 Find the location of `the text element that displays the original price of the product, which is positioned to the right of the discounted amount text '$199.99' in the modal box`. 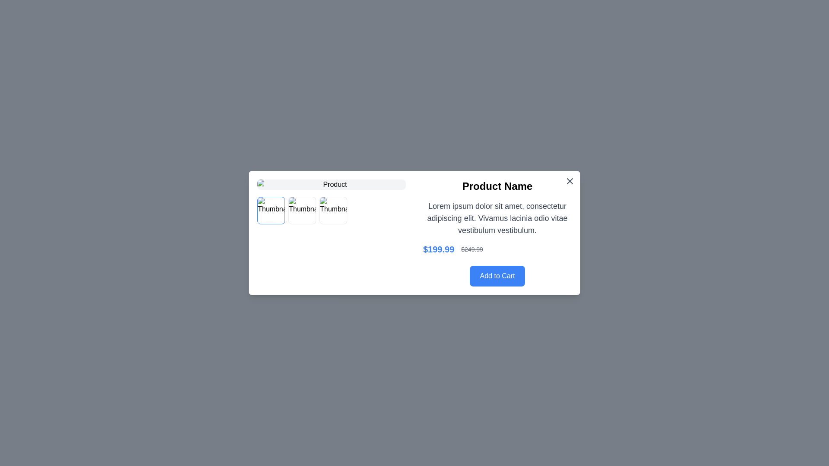

the text element that displays the original price of the product, which is positioned to the right of the discounted amount text '$199.99' in the modal box is located at coordinates (471, 249).